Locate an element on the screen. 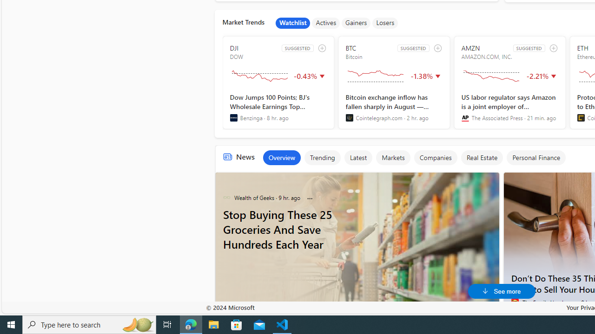  'Losers' is located at coordinates (385, 23).